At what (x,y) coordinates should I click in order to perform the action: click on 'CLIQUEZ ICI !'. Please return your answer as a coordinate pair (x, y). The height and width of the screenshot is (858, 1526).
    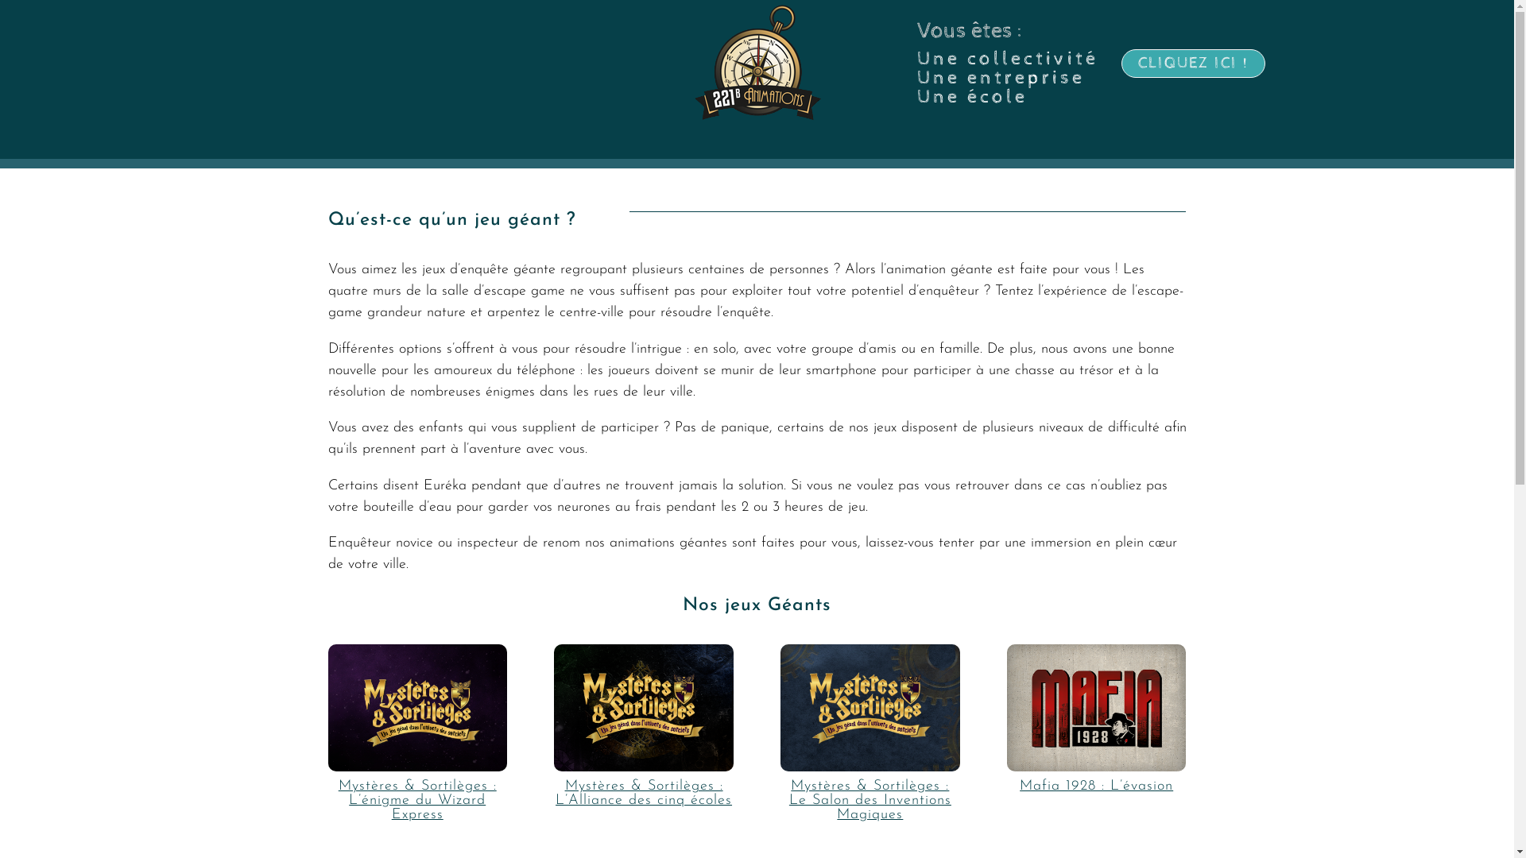
    Looking at the image, I should click on (1193, 63).